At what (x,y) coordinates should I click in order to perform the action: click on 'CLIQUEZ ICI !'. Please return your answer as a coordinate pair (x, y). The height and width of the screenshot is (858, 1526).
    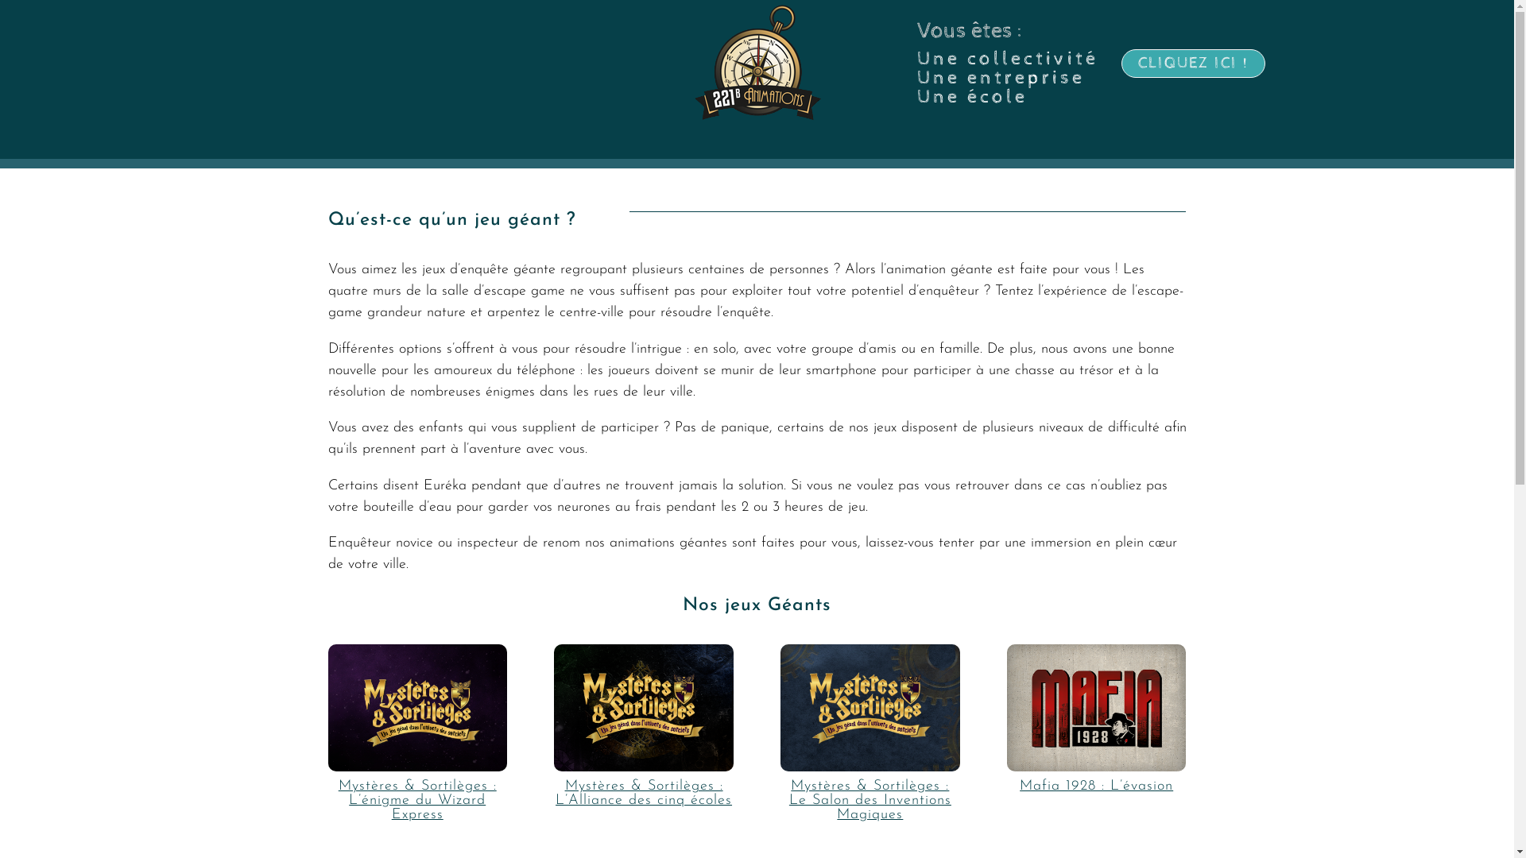
    Looking at the image, I should click on (1193, 63).